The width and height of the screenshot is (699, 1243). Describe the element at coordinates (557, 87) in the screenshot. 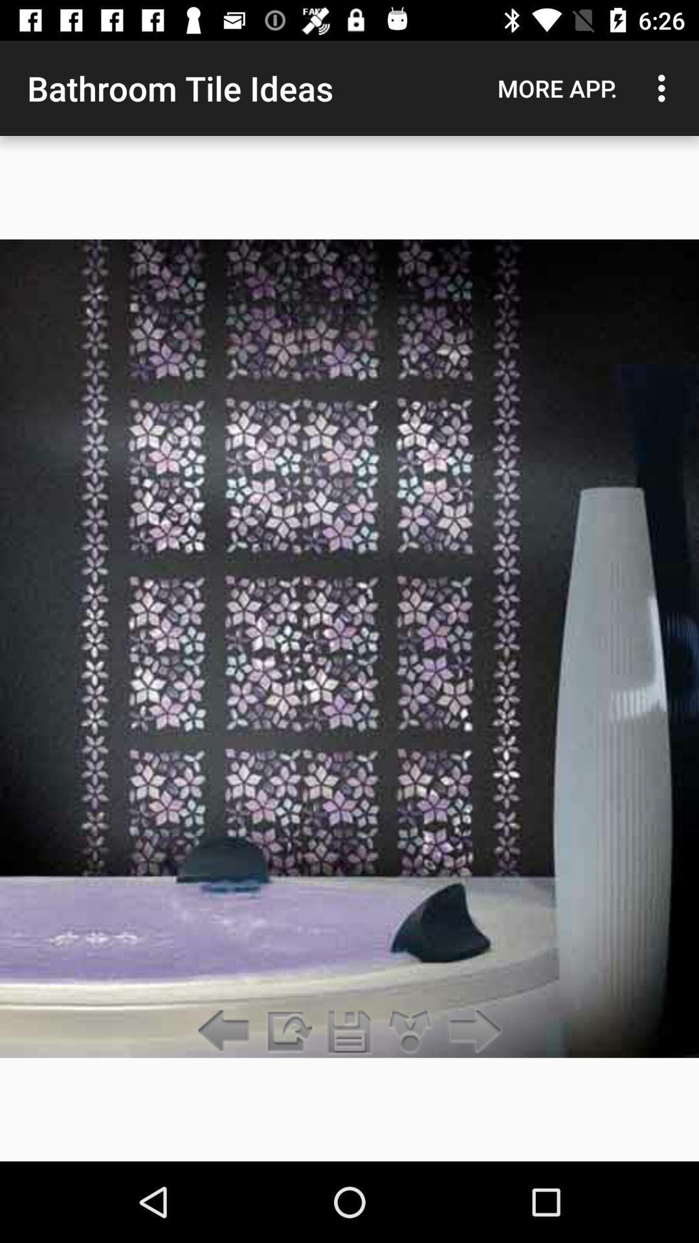

I see `the more app. icon` at that location.